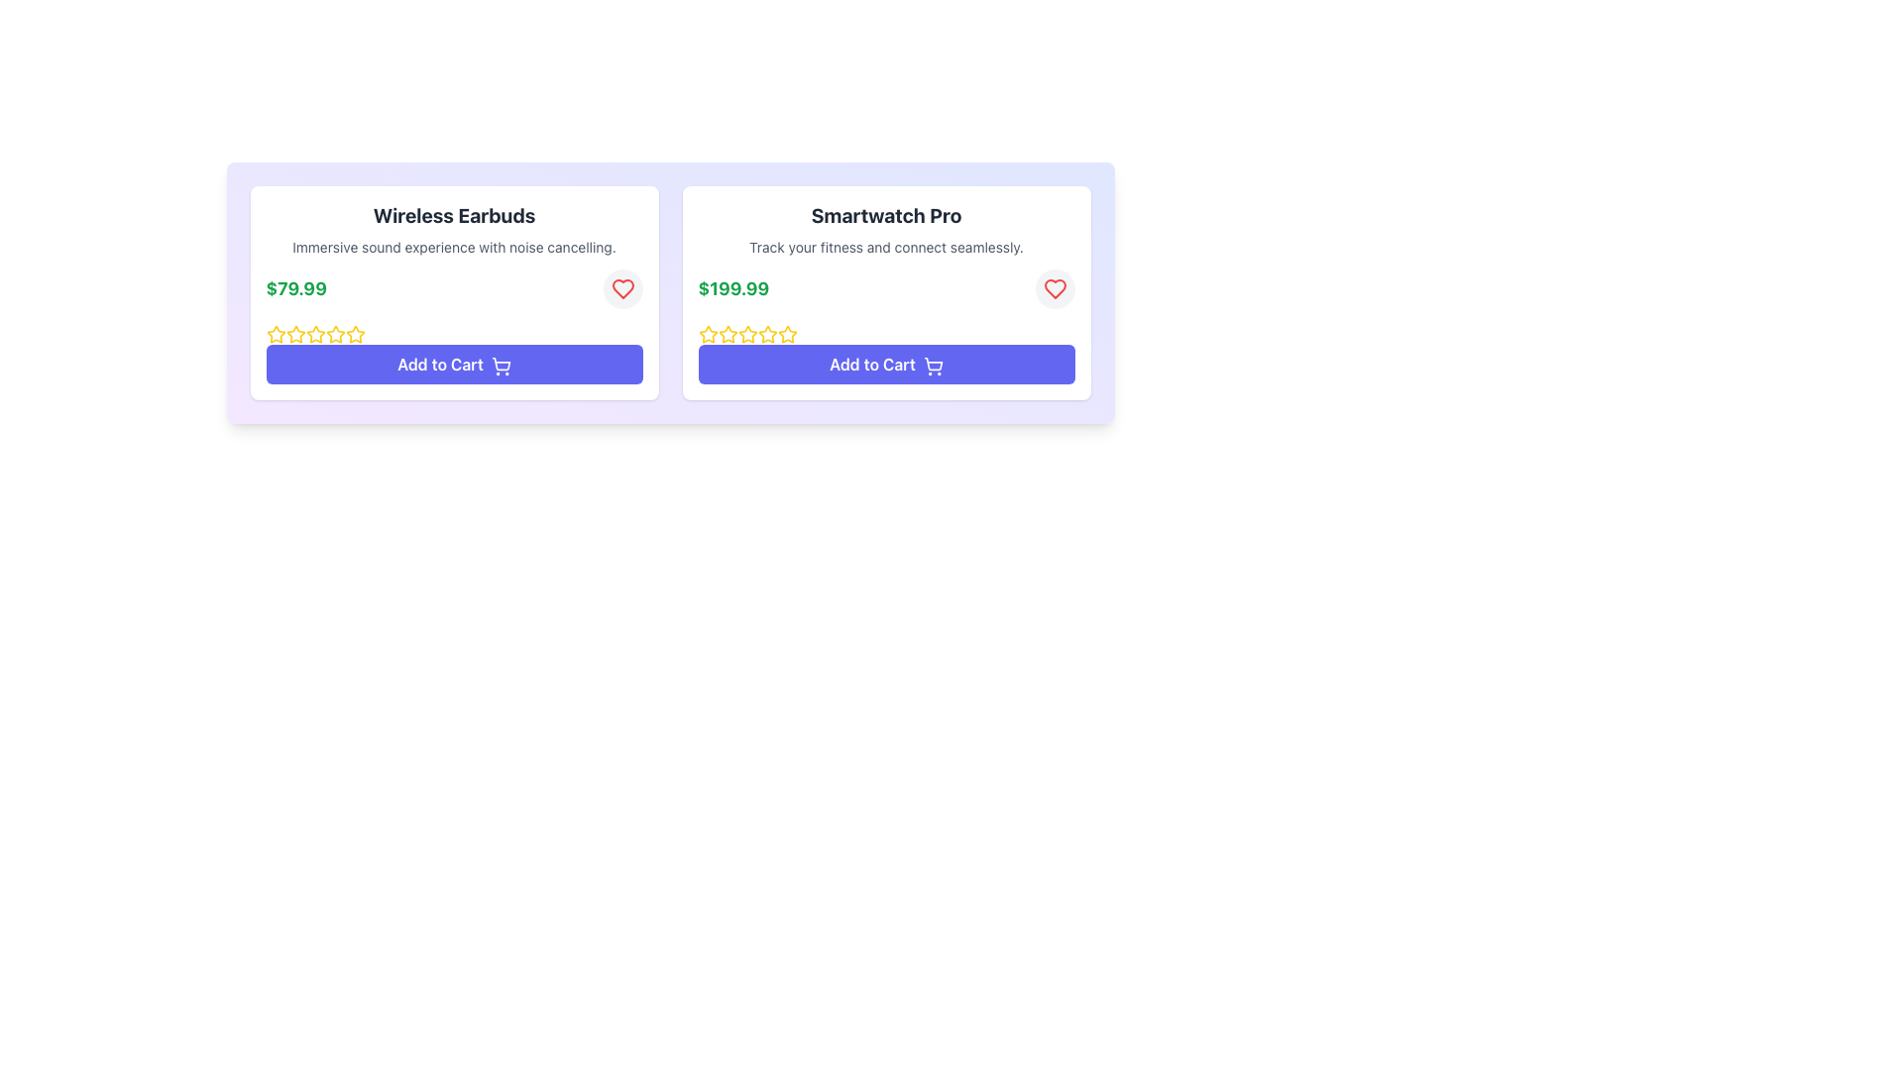 The image size is (1903, 1070). Describe the element at coordinates (708, 332) in the screenshot. I see `the first star icon with a yellow border` at that location.